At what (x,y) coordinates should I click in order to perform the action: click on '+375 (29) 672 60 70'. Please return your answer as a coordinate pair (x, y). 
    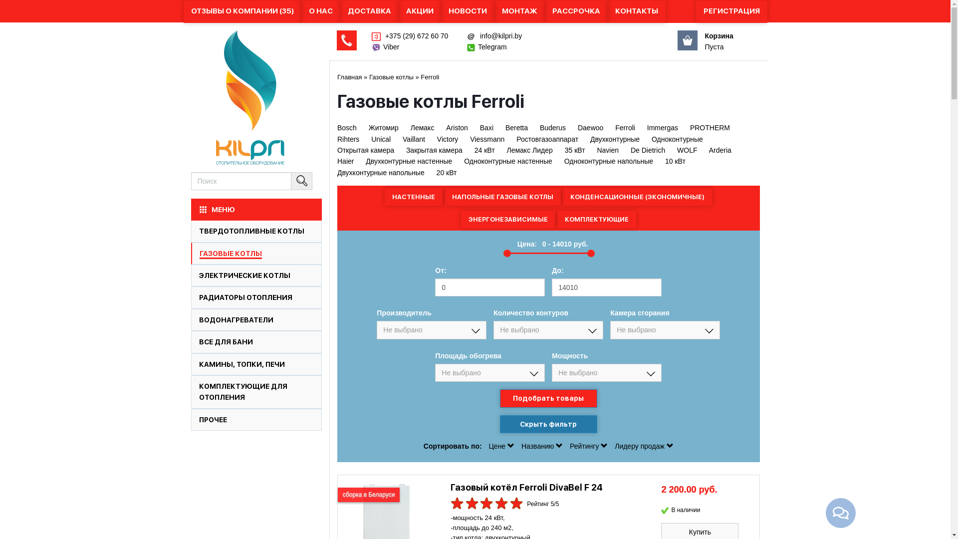
    Looking at the image, I should click on (416, 35).